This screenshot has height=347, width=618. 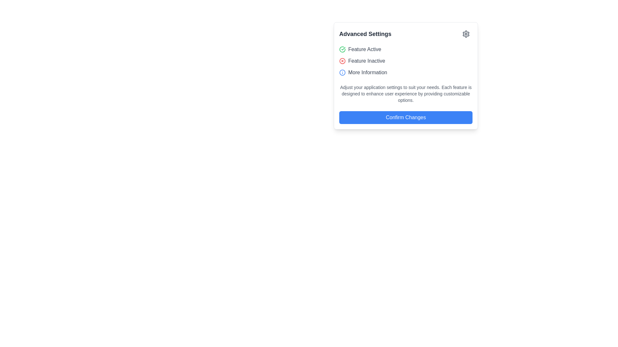 What do you see at coordinates (342, 49) in the screenshot?
I see `the circular green checkmark icon in the 'Advanced Settings' modal, located to the left of the 'Feature Active' label` at bounding box center [342, 49].